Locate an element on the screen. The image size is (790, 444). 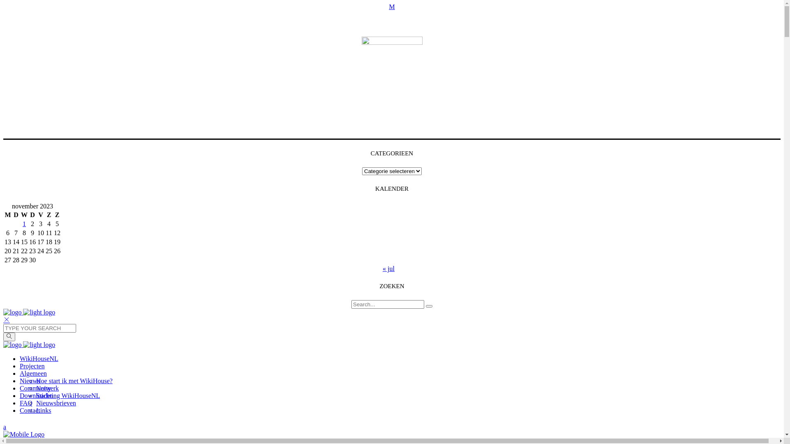
'Hoe start ik met WikiHouse?' is located at coordinates (74, 381).